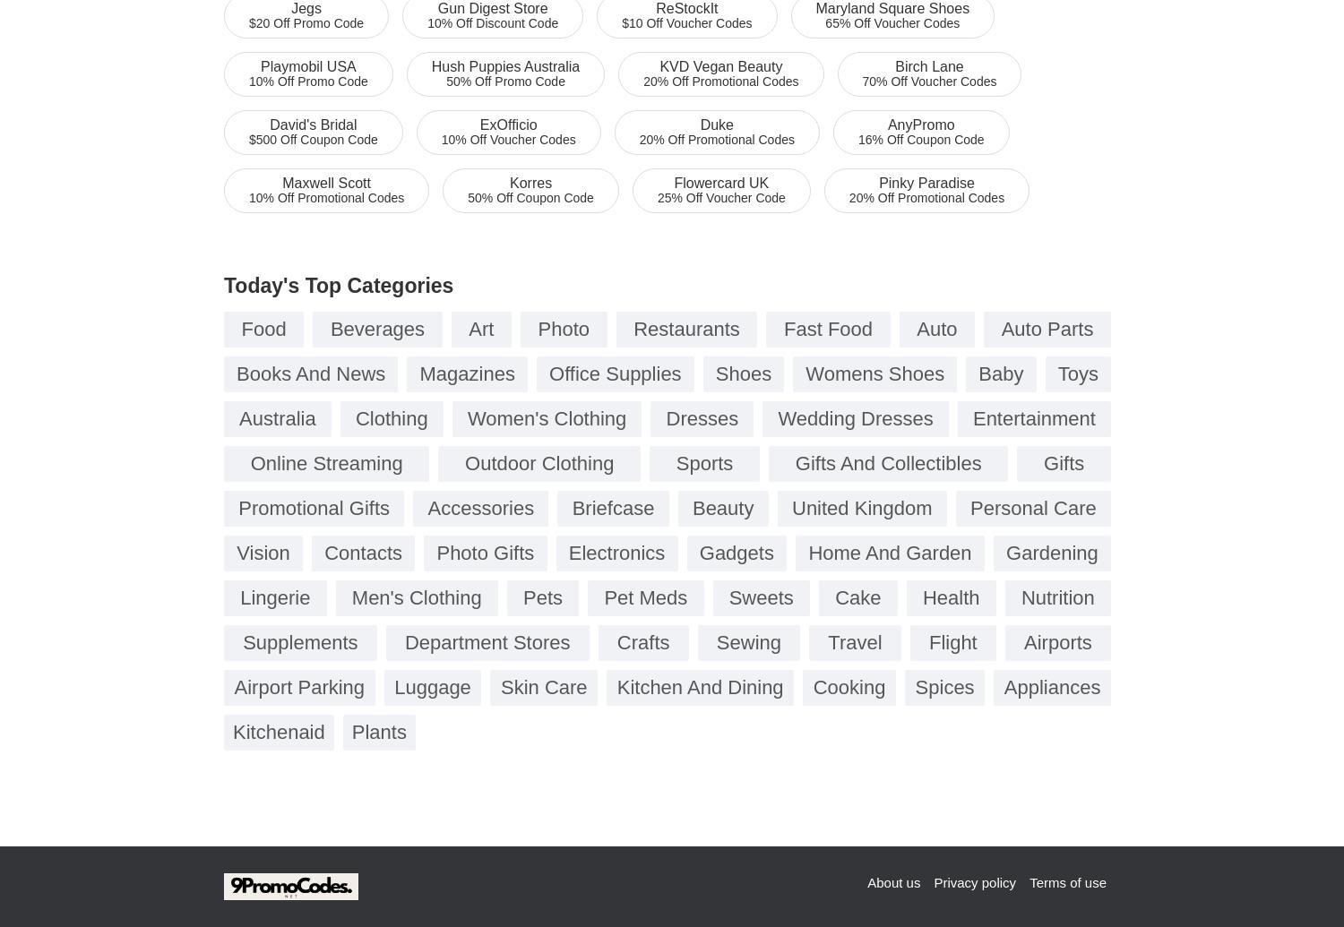  Describe the element at coordinates (866, 881) in the screenshot. I see `'About us'` at that location.